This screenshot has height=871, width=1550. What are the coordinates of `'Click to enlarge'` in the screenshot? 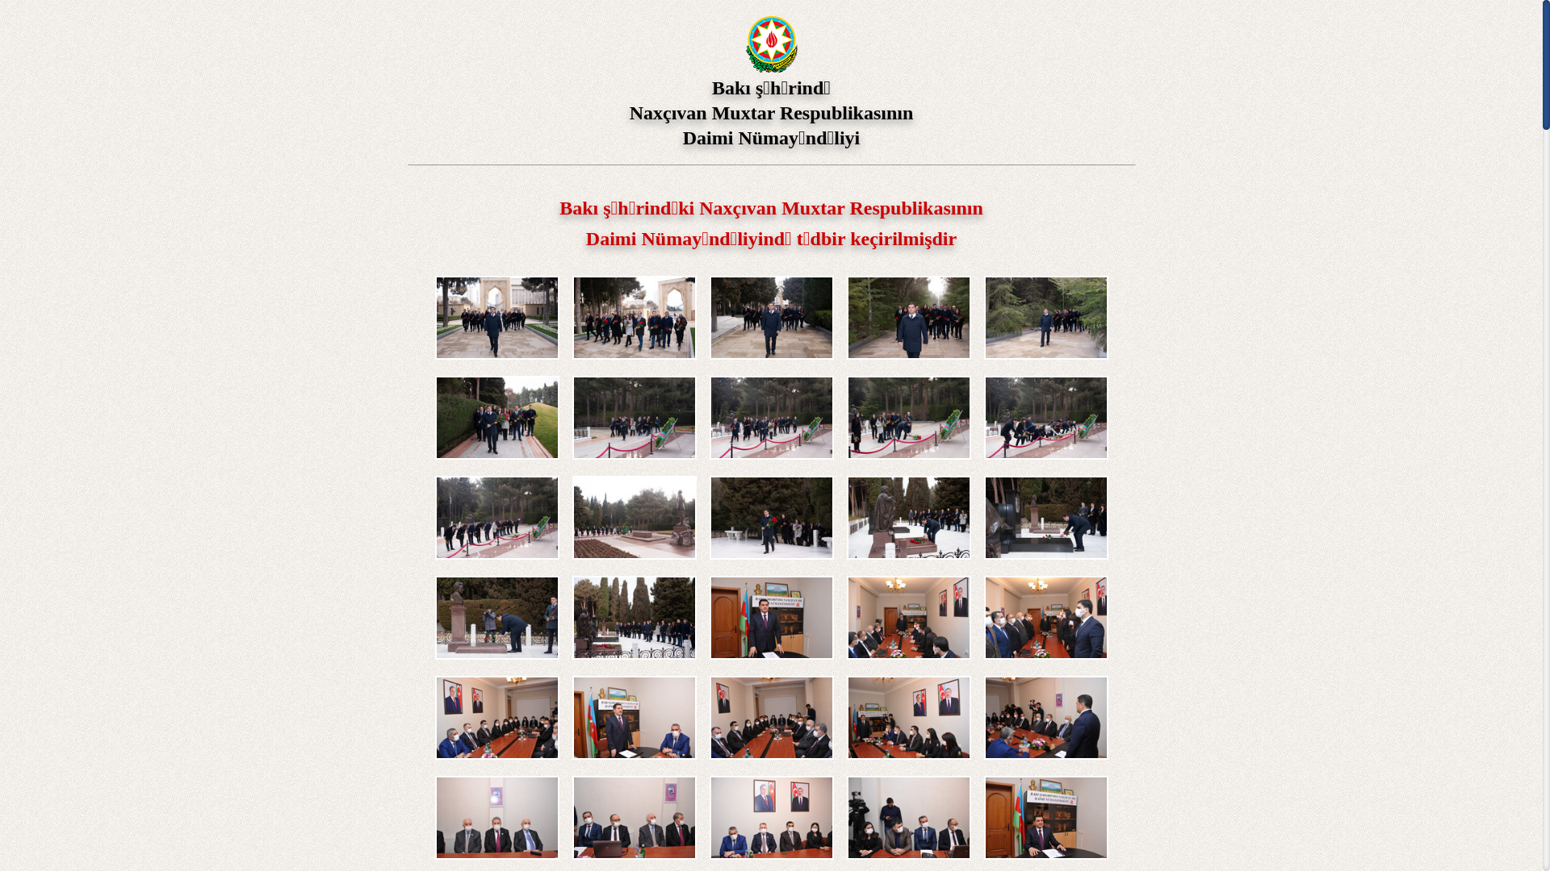 It's located at (495, 717).